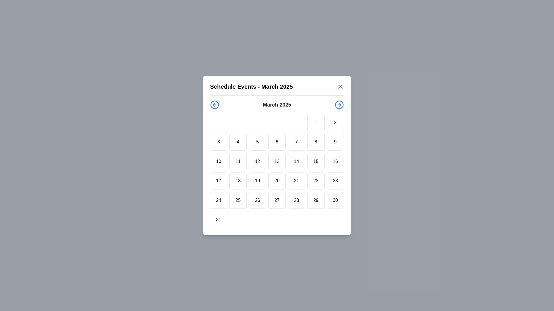  I want to click on the button styled as a calendar day entry, which contains the number '19', located in the third row and fourth column of the calendar grid, so click(257, 181).